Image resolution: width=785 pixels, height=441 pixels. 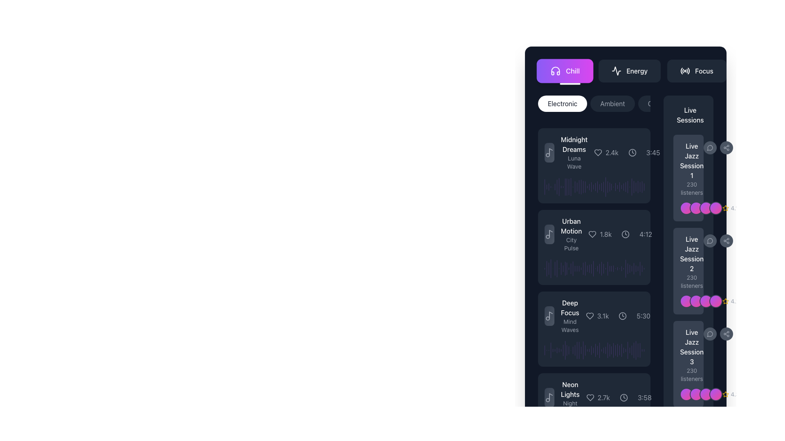 I want to click on informational text displaying the title and listener count for 'Live Jazz Session 2', which is located in the right column labeled 'Live Sessions', positioned between 'Live Jazz Session 1' and 'Live Jazz Session 3', so click(x=691, y=262).